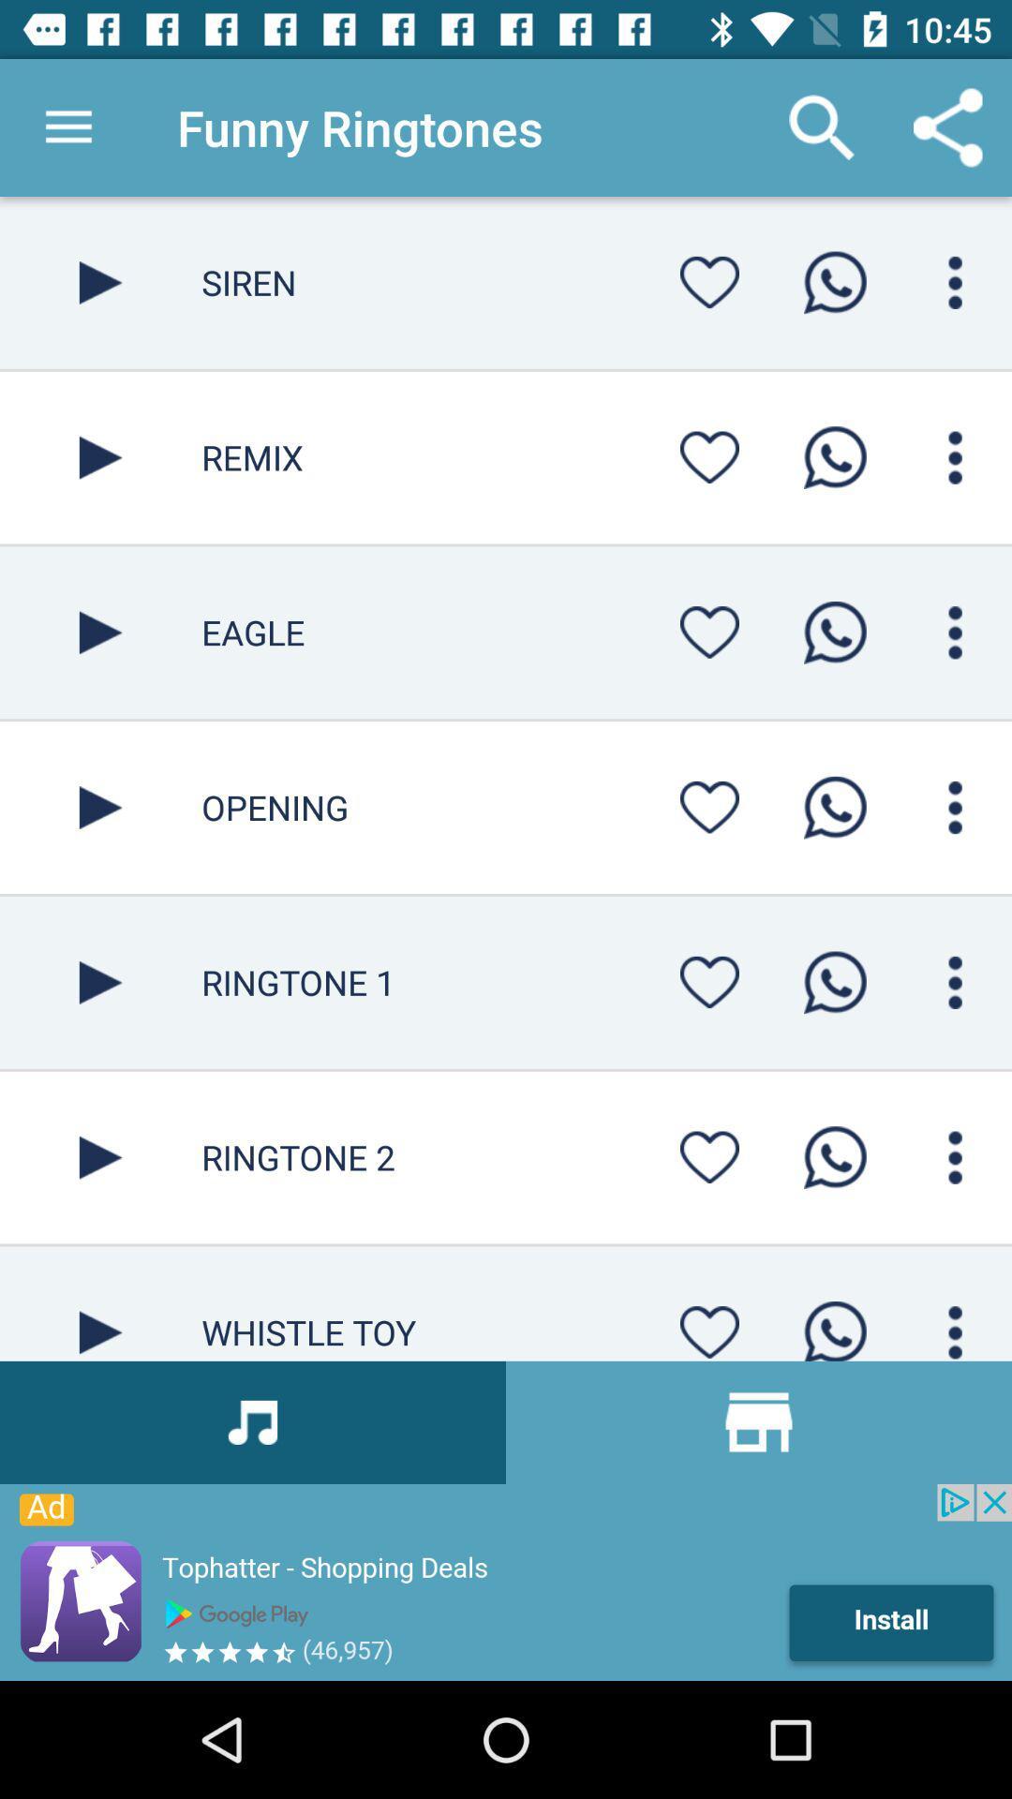  What do you see at coordinates (709, 1156) in the screenshot?
I see `favorite` at bounding box center [709, 1156].